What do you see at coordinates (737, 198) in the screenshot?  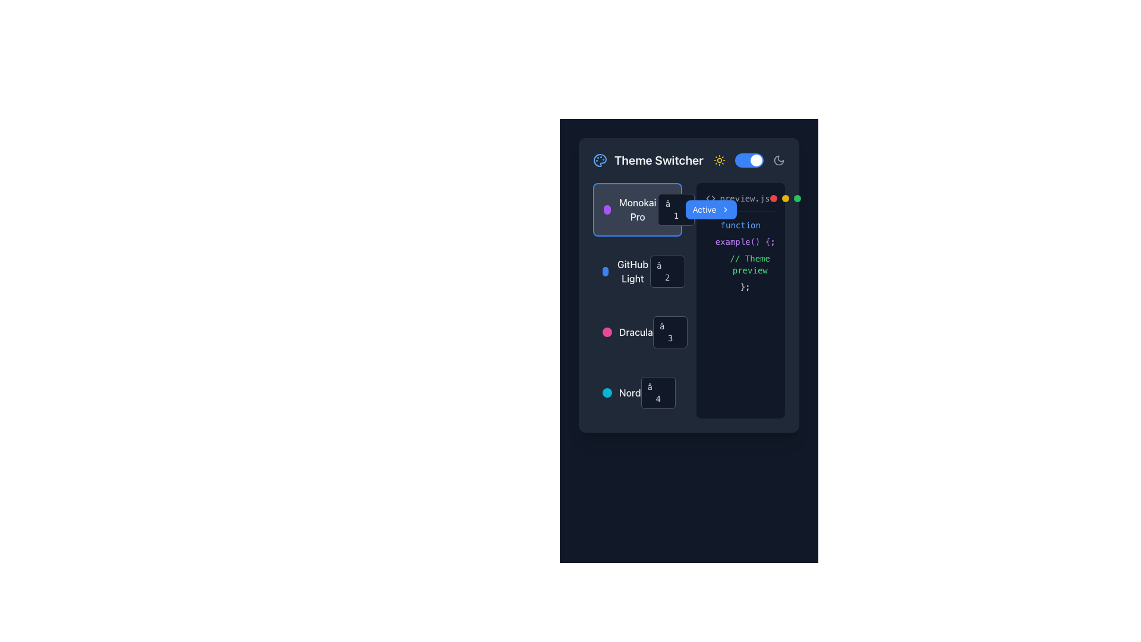 I see `the 'preview.js' text label with a code icon located in the top-right portion of the dark panel coding interface` at bounding box center [737, 198].